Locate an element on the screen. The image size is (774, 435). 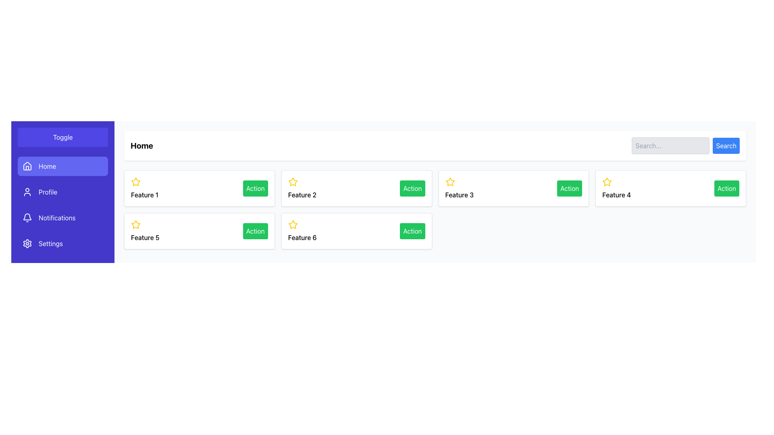
the text label displaying 'Feature 4' located in the fourth position of the features grid is located at coordinates (616, 195).